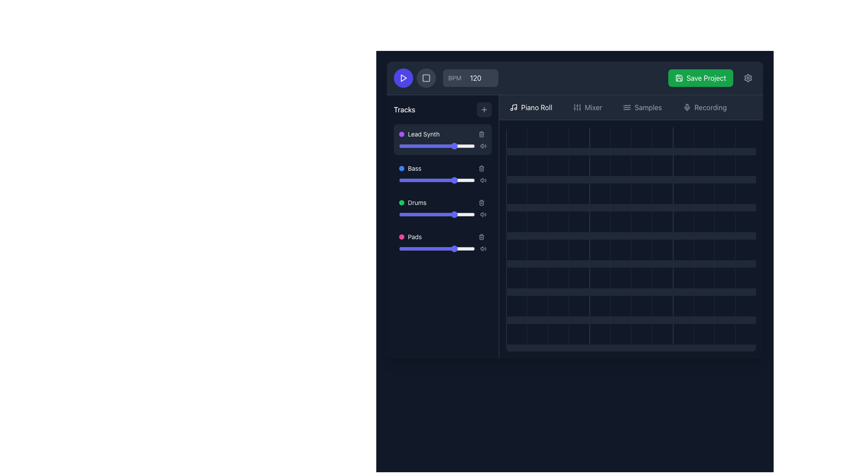 Image resolution: width=843 pixels, height=474 pixels. I want to click on the static text label for the first track in the music editing interface, located at the top-left corner of the application, which is part of a vertical list labeled 'Tracks', so click(424, 134).